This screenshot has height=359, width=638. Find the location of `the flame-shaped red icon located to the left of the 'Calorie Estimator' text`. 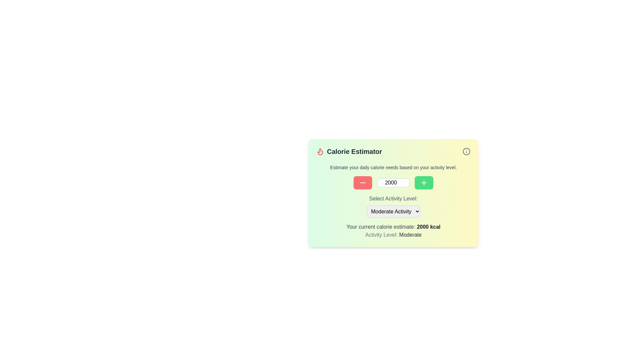

the flame-shaped red icon located to the left of the 'Calorie Estimator' text is located at coordinates (320, 151).